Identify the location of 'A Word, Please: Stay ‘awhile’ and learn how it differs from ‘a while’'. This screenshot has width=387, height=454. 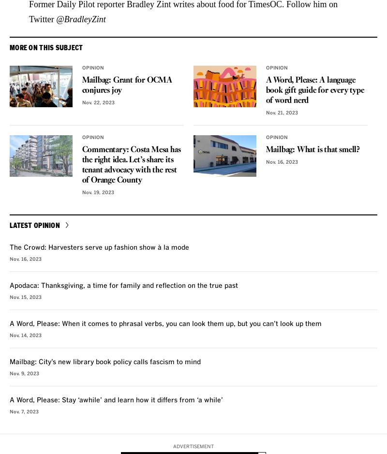
(116, 399).